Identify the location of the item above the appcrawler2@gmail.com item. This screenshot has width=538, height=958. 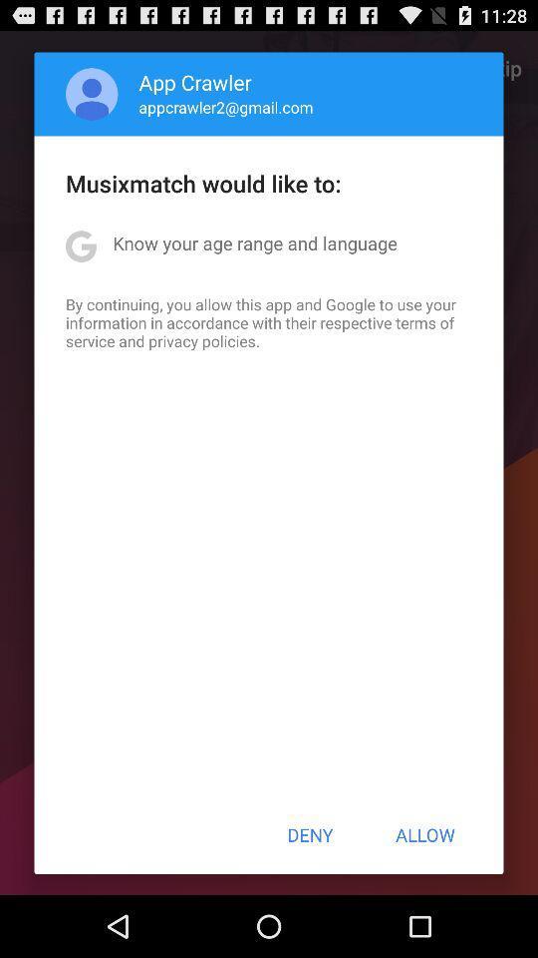
(195, 82).